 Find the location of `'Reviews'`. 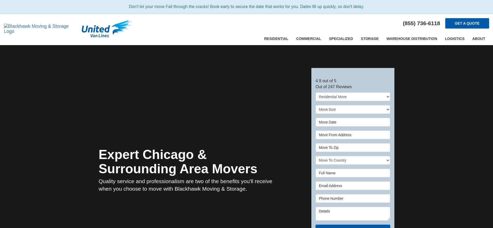

'Reviews' is located at coordinates (343, 86).